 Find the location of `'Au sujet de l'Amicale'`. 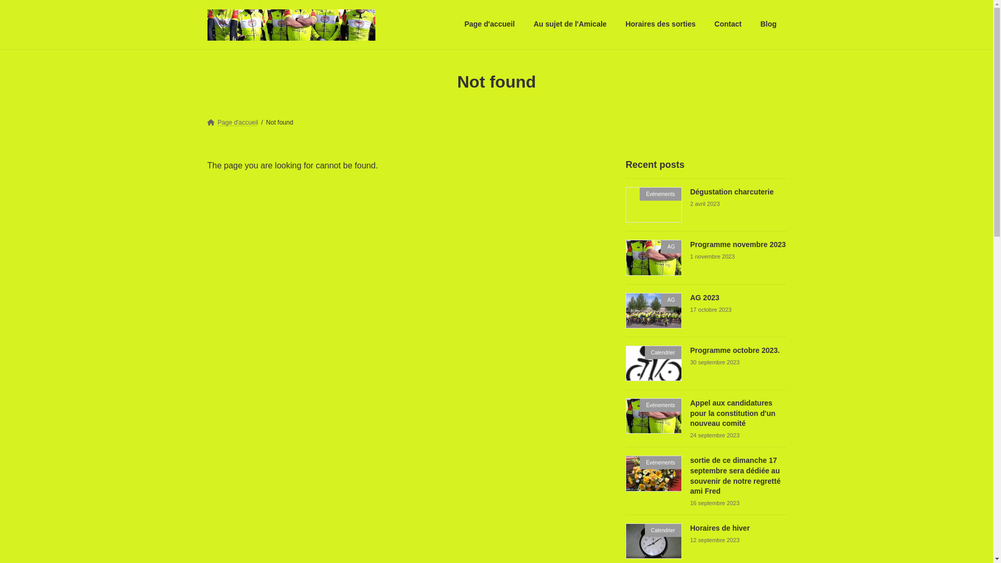

'Au sujet de l'Amicale' is located at coordinates (569, 23).